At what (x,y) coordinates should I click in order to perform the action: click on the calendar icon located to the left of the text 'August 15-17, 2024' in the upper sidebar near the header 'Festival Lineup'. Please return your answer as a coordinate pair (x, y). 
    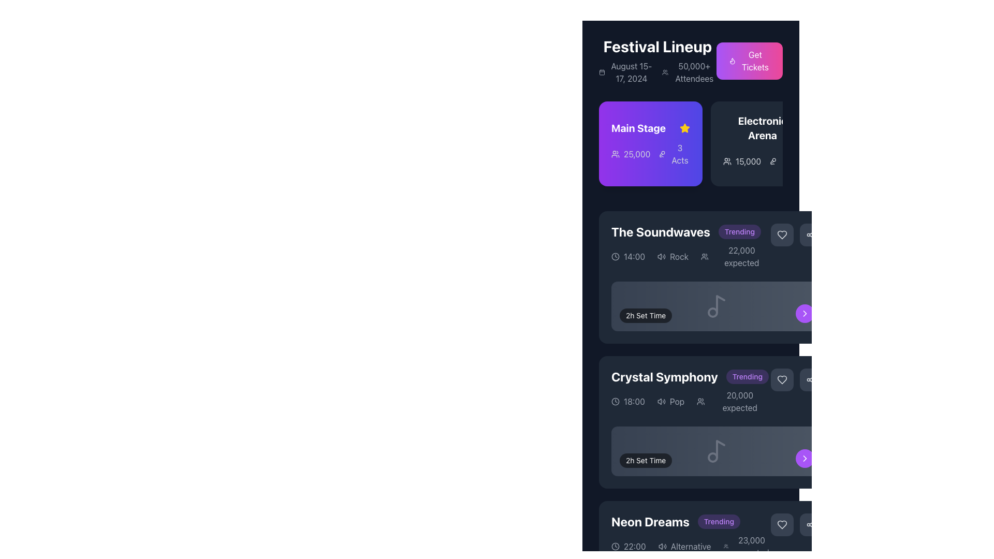
    Looking at the image, I should click on (602, 71).